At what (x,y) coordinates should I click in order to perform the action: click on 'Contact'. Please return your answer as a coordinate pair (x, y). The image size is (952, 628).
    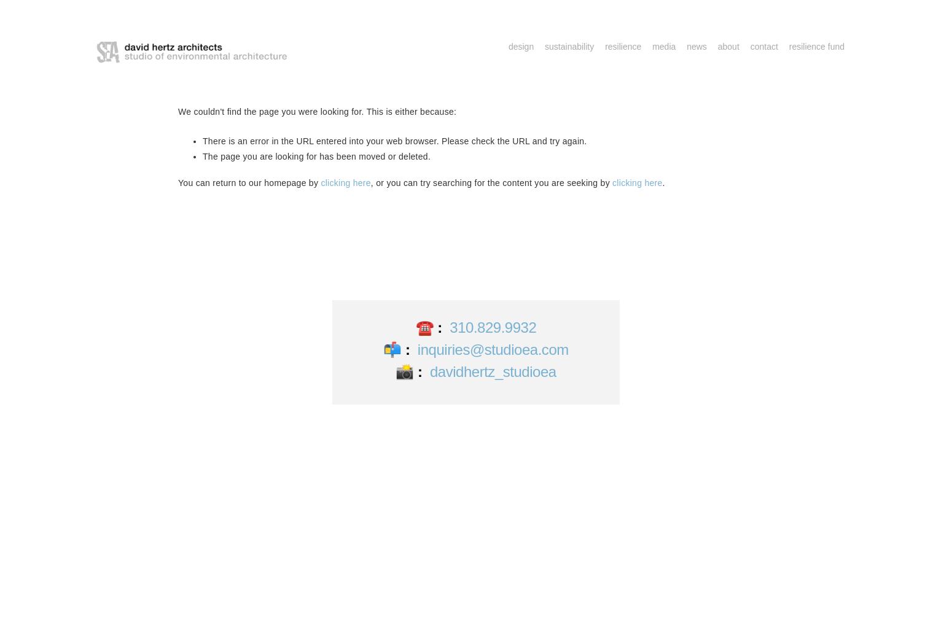
    Looking at the image, I should click on (749, 46).